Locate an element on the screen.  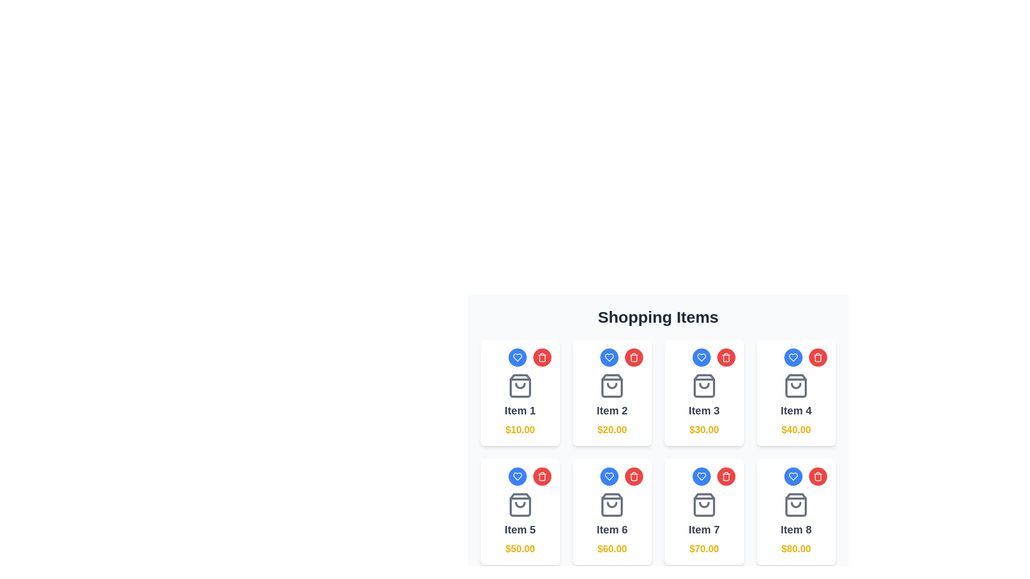
the deletion button located in the bottom row, second column from the right, directly above 'Item 7' and '$70.00' is located at coordinates (726, 476).